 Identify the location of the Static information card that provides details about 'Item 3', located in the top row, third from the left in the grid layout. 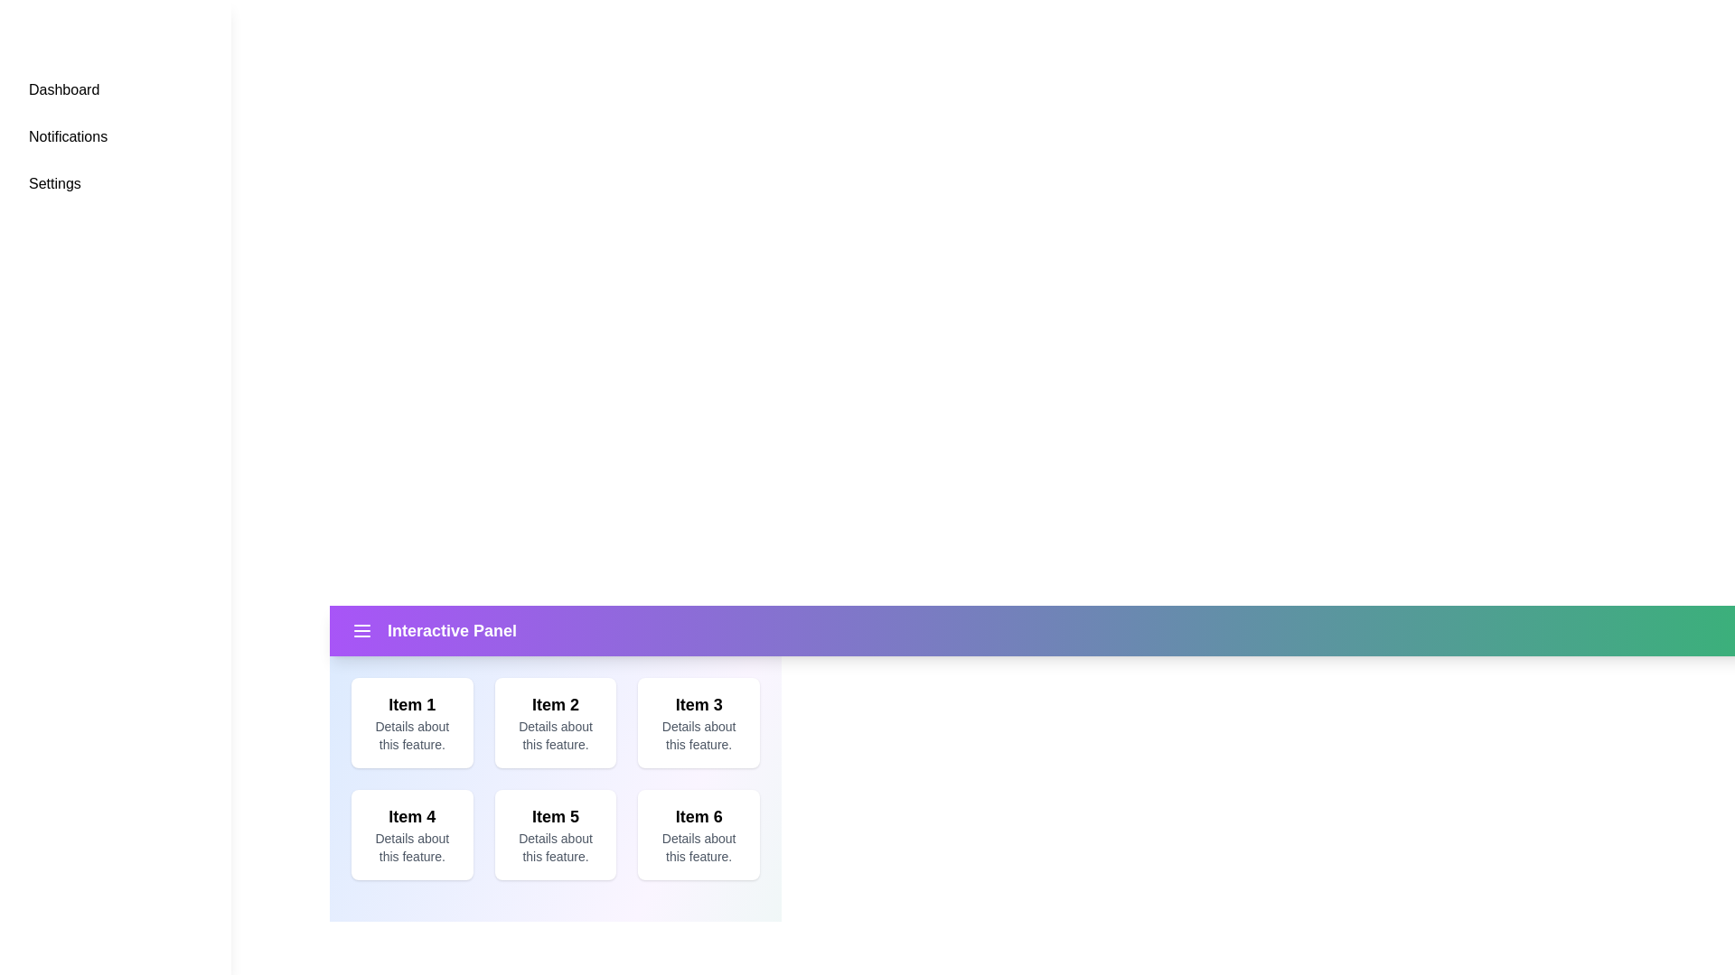
(698, 722).